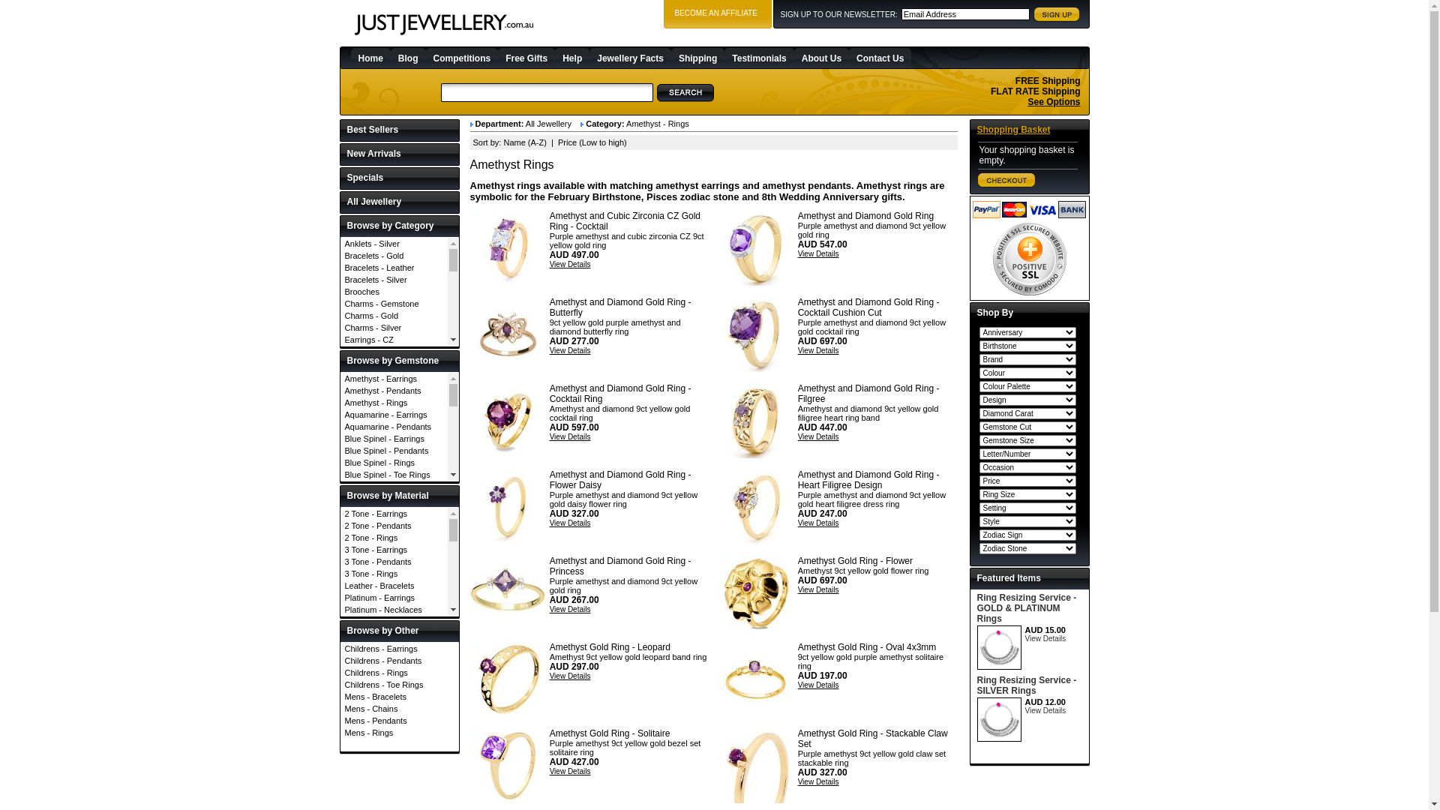 The image size is (1440, 810). I want to click on 'Diamond - Necklaces', so click(394, 619).